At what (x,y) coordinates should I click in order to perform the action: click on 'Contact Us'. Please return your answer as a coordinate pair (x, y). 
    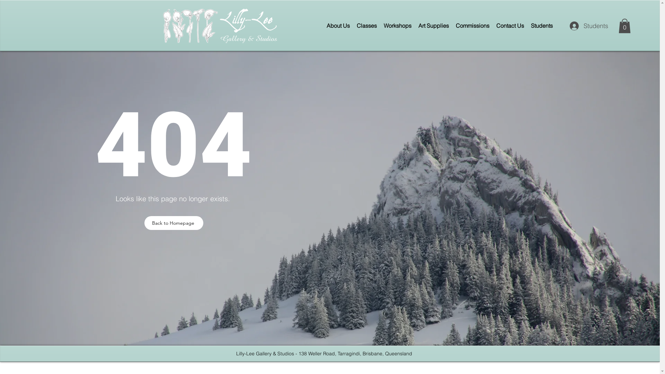
    Looking at the image, I should click on (510, 25).